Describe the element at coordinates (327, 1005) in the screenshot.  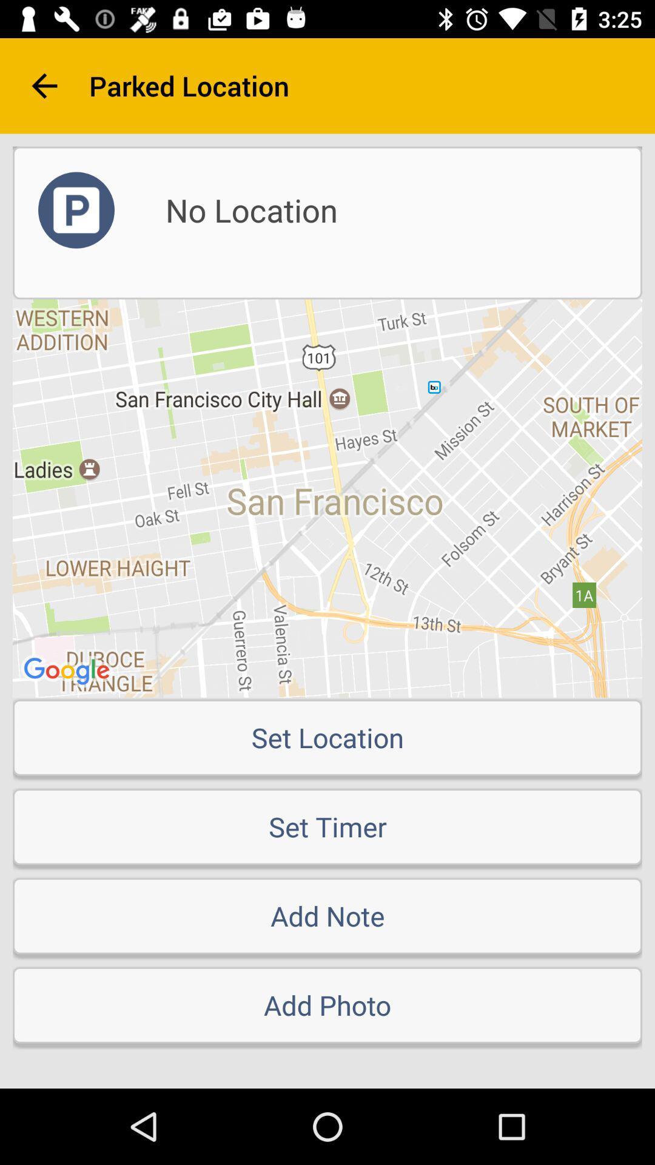
I see `add photo item` at that location.